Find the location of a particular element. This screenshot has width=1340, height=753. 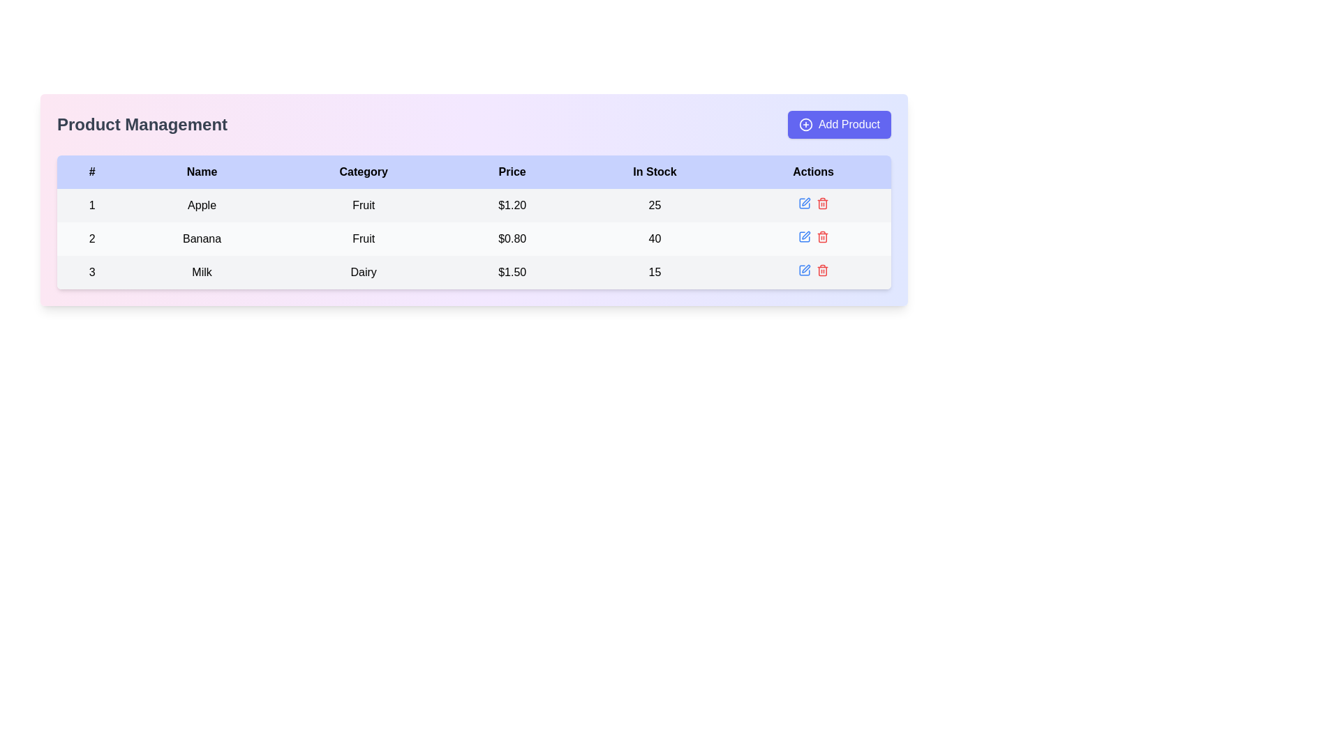

the product name text label located in the second row, second column of the table under the 'Name' column is located at coordinates (201, 238).